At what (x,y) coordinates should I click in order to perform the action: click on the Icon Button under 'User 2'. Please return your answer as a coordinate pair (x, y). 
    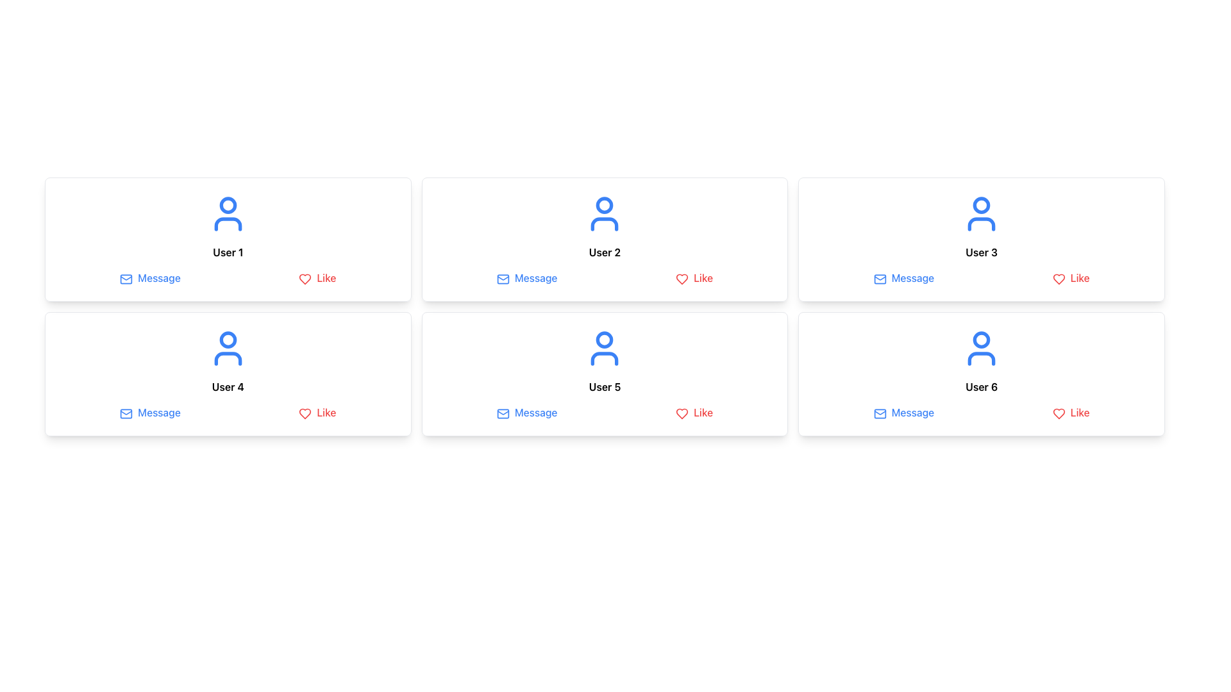
    Looking at the image, I should click on (502, 278).